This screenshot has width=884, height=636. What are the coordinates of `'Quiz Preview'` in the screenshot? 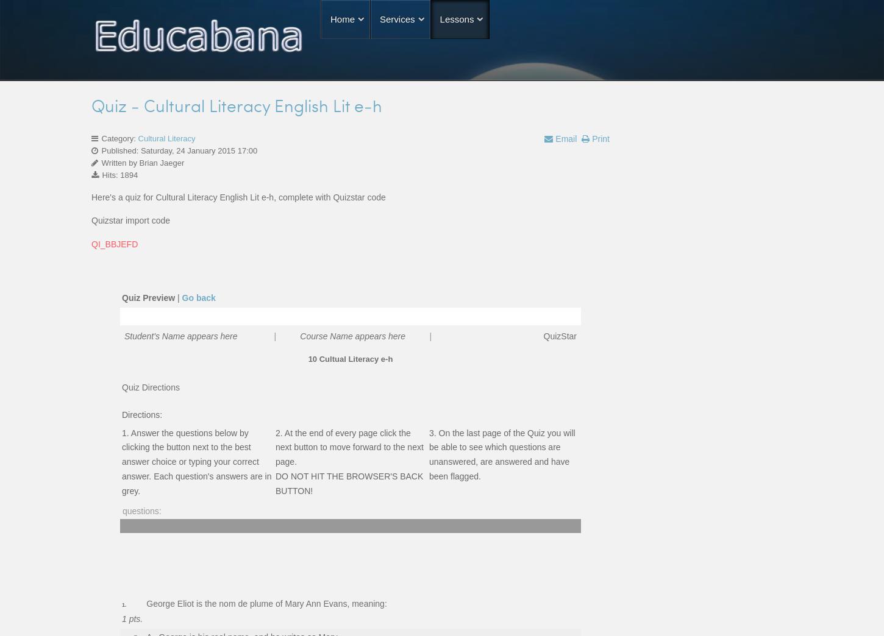 It's located at (121, 297).